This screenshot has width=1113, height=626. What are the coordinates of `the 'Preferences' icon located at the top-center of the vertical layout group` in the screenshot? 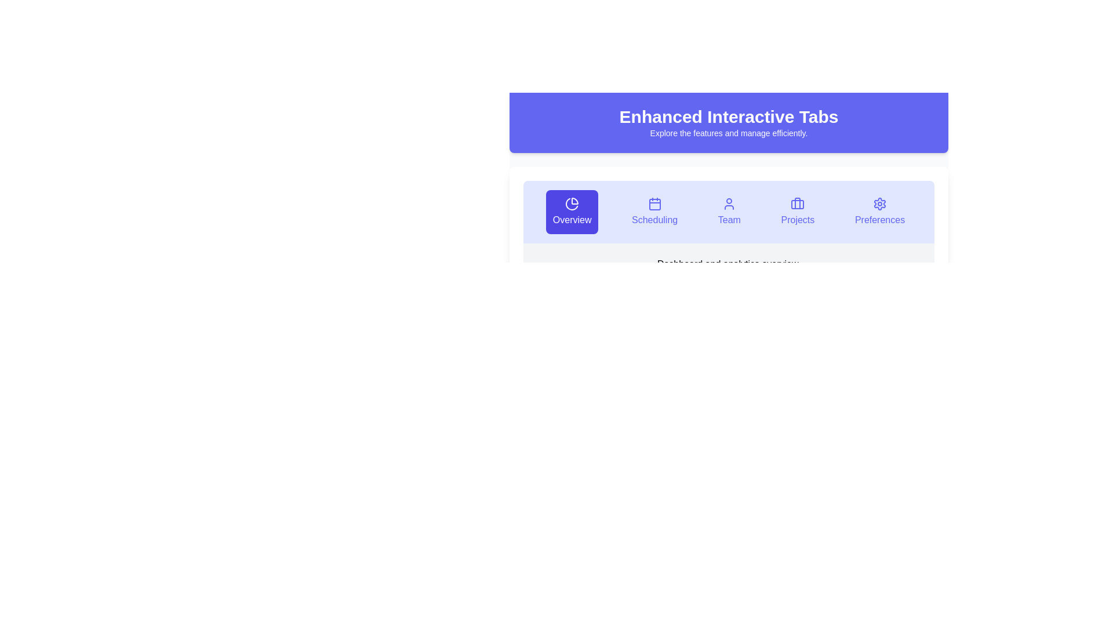 It's located at (879, 203).